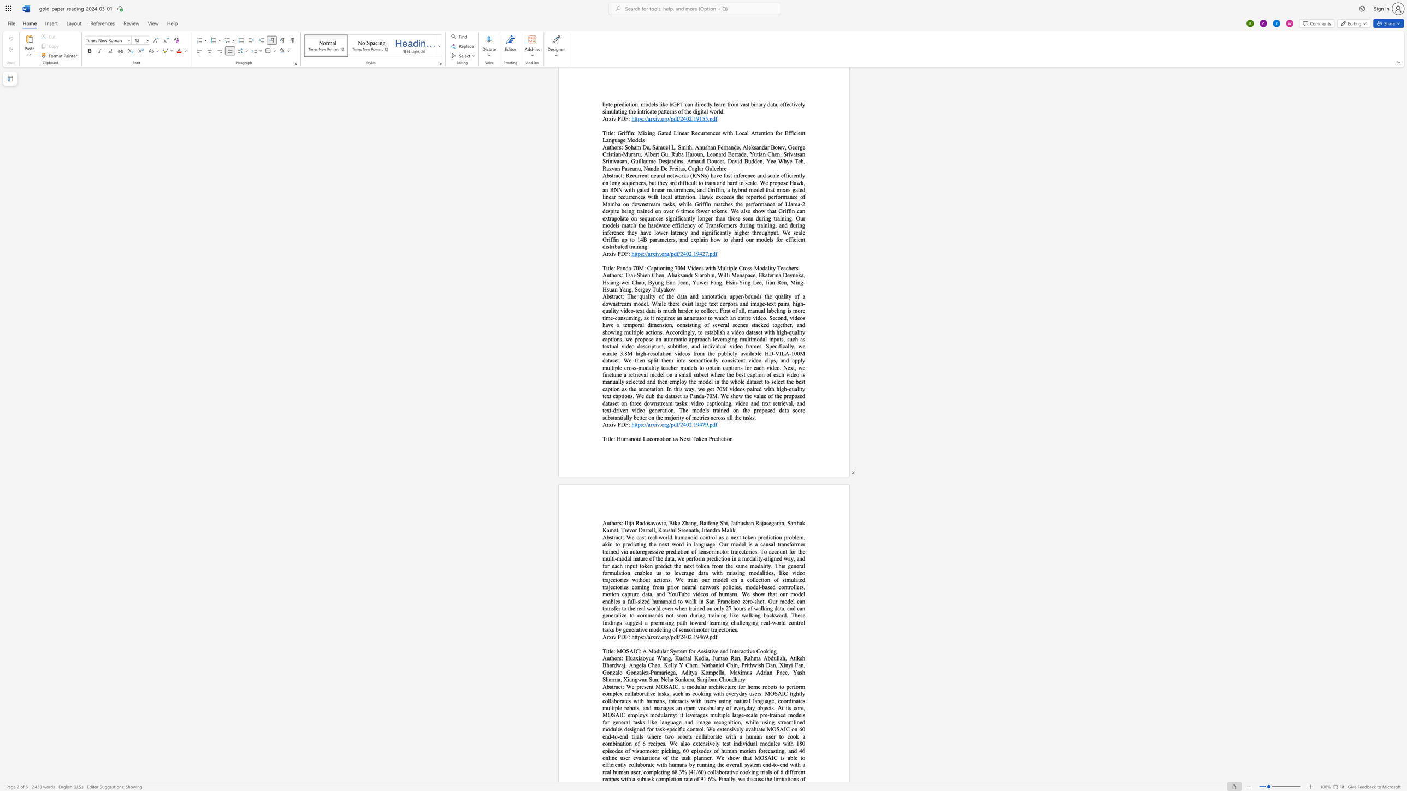 This screenshot has width=1407, height=791. I want to click on the 3th character "i" in the text, so click(748, 650).